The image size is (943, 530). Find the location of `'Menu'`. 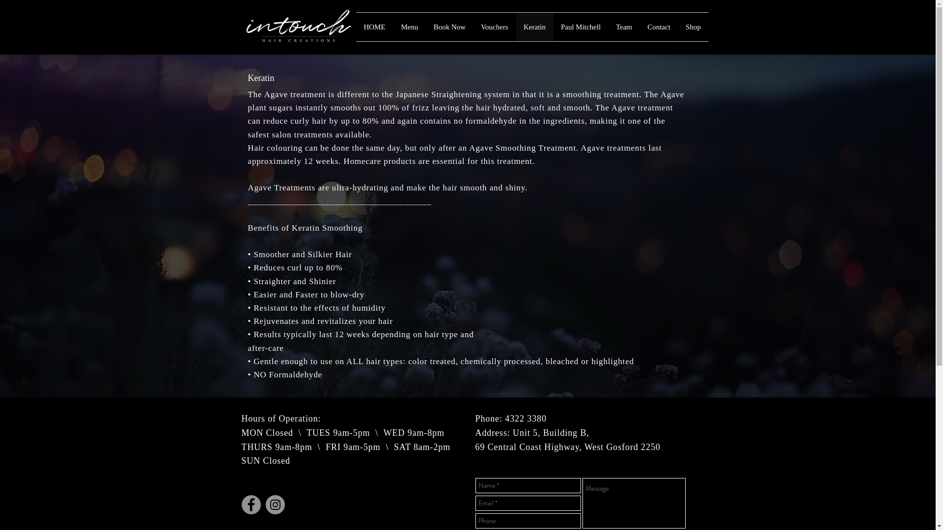

'Menu' is located at coordinates (409, 26).